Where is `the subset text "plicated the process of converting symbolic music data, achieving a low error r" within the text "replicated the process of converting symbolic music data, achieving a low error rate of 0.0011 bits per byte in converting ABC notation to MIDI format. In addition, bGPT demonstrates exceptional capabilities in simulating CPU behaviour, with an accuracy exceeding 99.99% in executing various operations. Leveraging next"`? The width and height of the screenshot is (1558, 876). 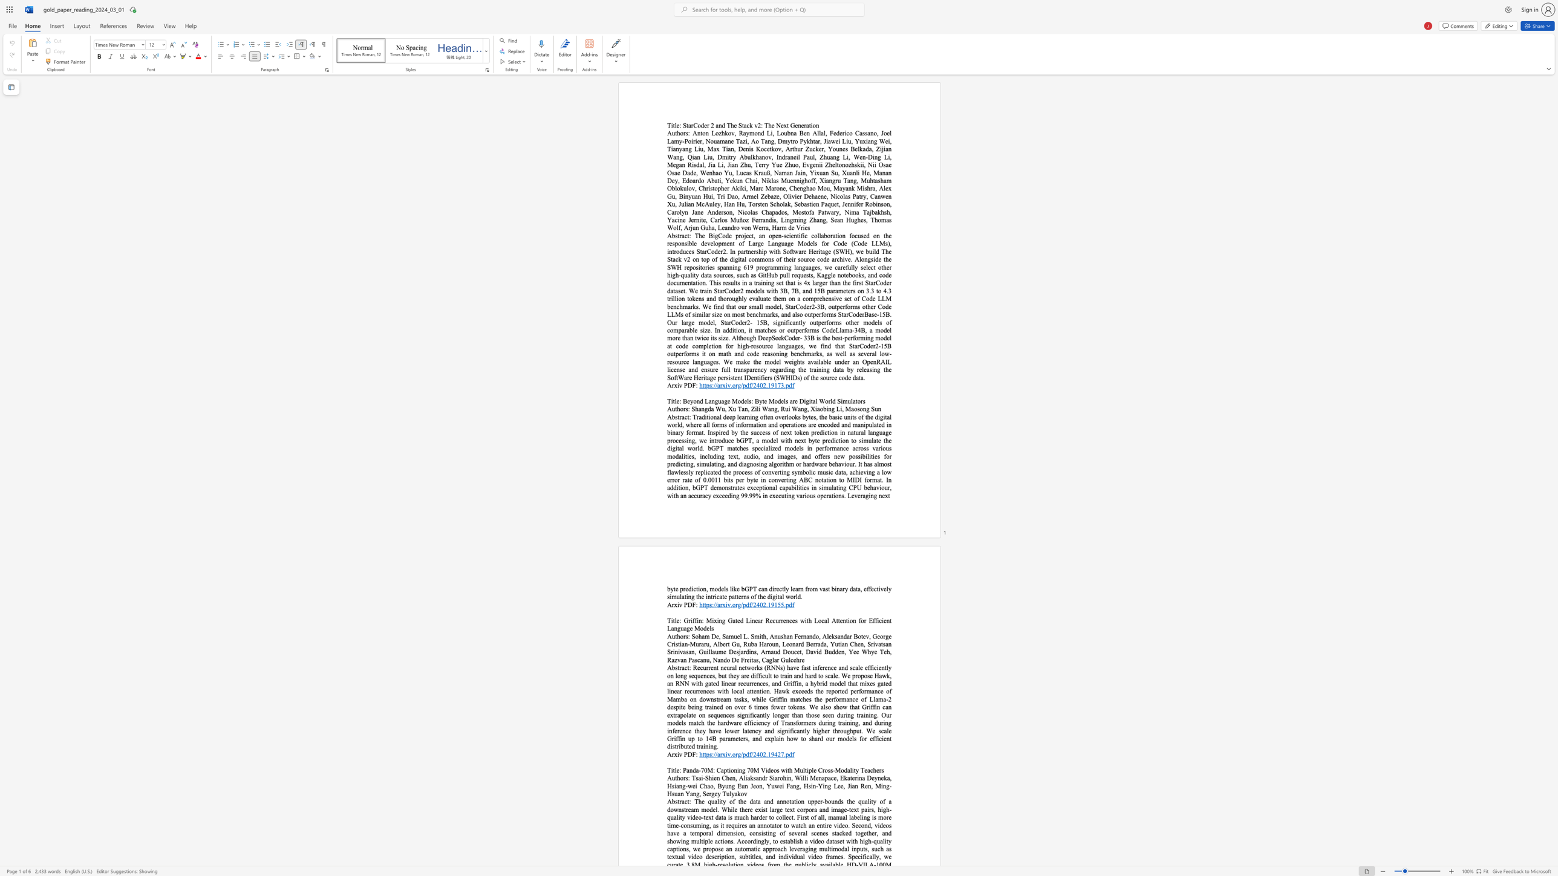
the subset text "plicated the process of converting symbolic music data, achieving a low error r" within the text "replicated the process of converting symbolic music data, achieving a low error rate of 0.0011 bits per byte in converting ABC notation to MIDI format. In addition, bGPT demonstrates exceptional capabilities in simulating CPU behaviour, with an accuracy exceeding 99.99% in executing various operations. Leveraging next" is located at coordinates (700, 472).